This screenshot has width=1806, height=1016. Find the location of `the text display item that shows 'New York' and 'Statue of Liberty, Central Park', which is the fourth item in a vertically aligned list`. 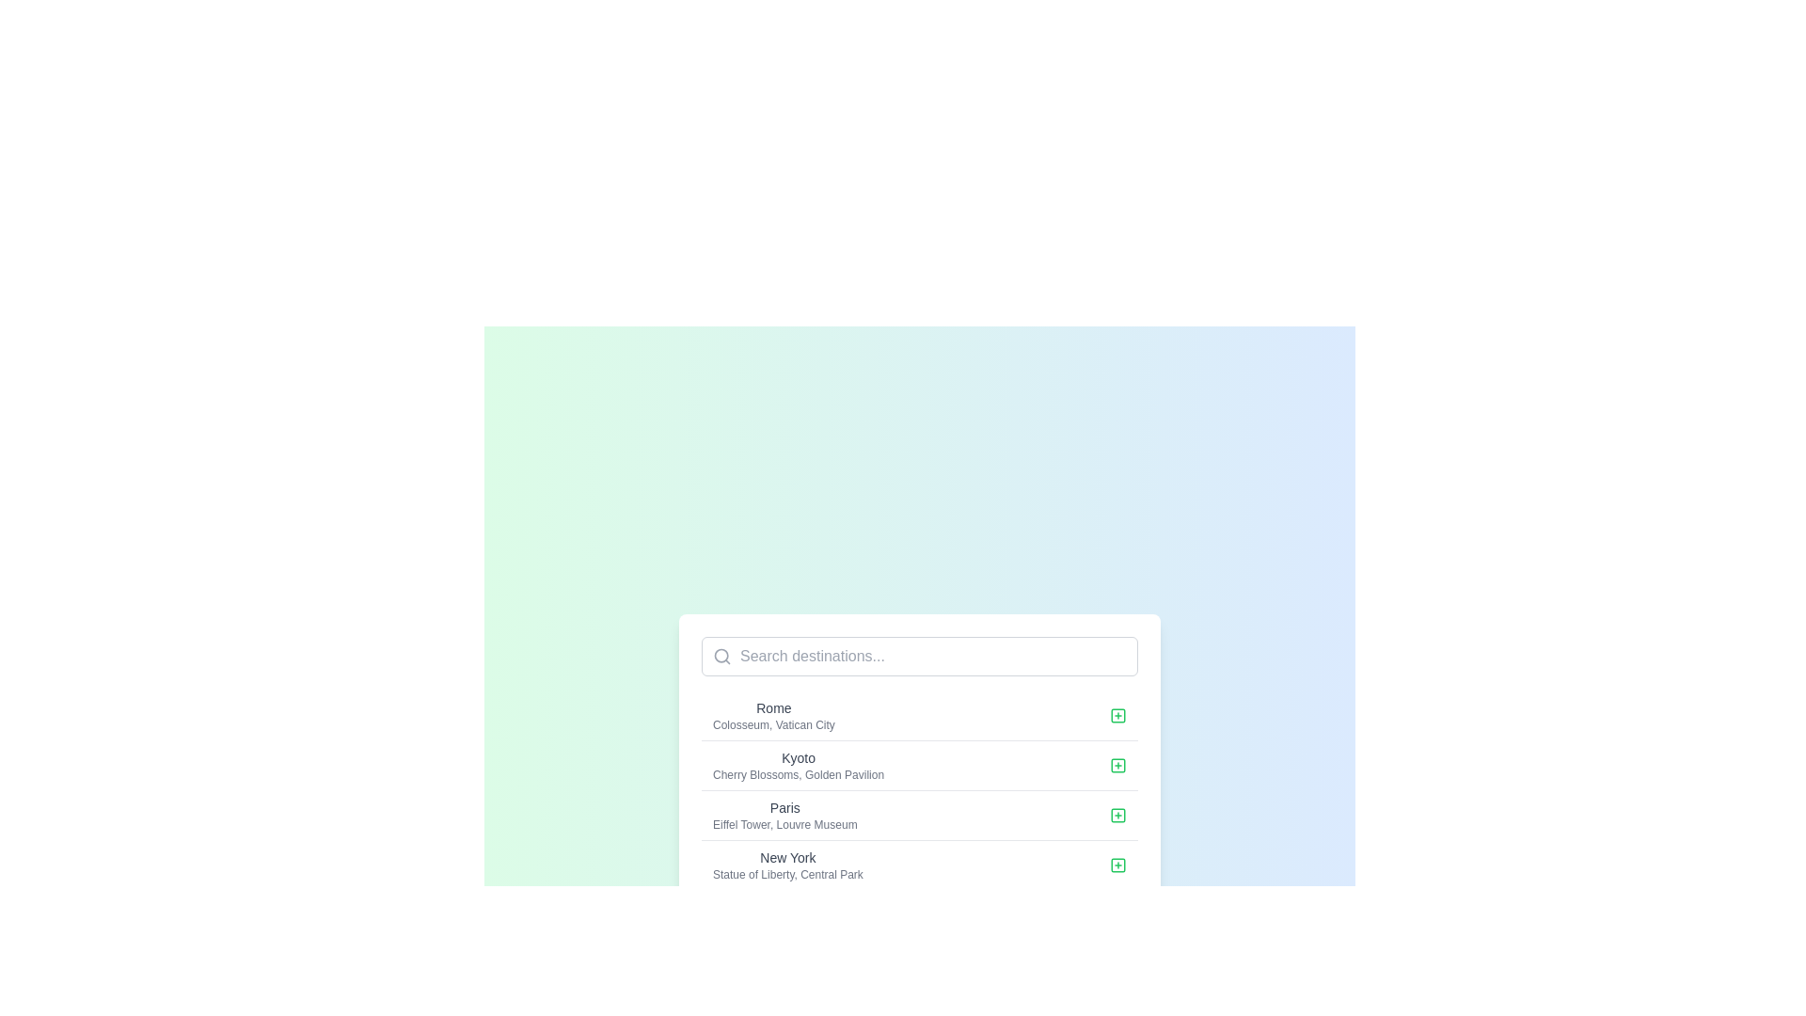

the text display item that shows 'New York' and 'Statue of Liberty, Central Park', which is the fourth item in a vertically aligned list is located at coordinates (787, 865).